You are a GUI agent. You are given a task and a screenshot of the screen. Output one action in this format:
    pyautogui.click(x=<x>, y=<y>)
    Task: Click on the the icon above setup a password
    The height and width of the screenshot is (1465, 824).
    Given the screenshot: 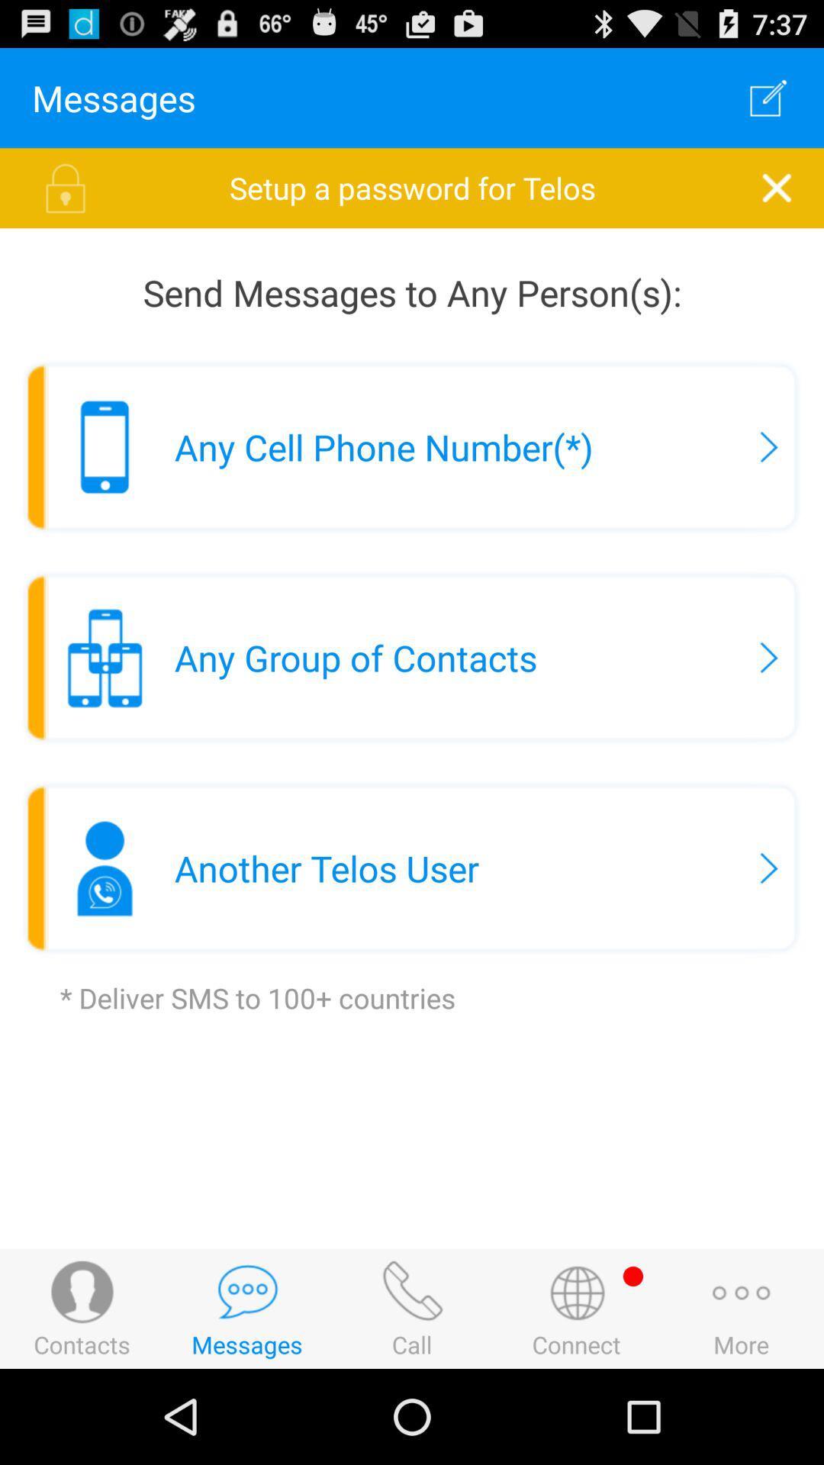 What is the action you would take?
    pyautogui.click(x=768, y=97)
    